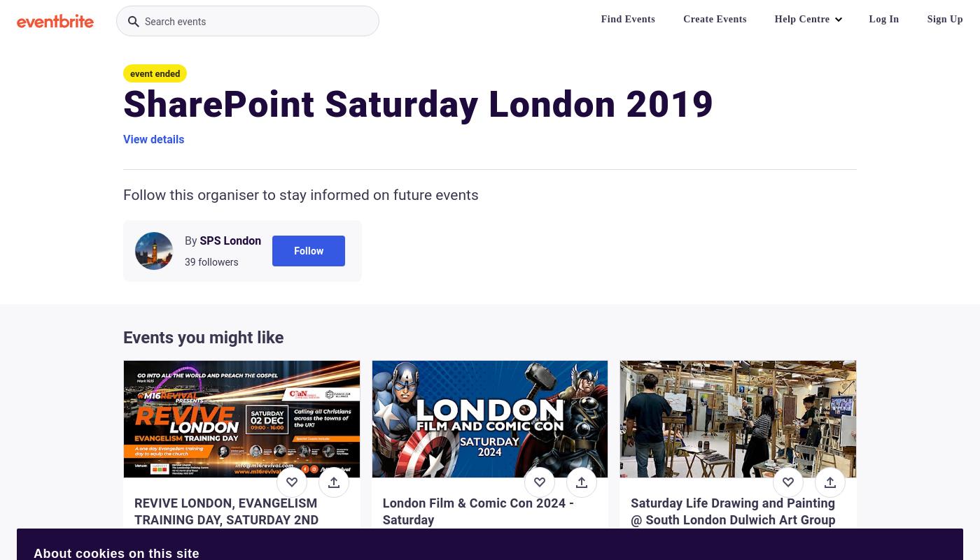 Image resolution: width=980 pixels, height=560 pixels. What do you see at coordinates (631, 511) in the screenshot?
I see `'Saturday Life Drawing and Painting @ South London Dulwich Art Group'` at bounding box center [631, 511].